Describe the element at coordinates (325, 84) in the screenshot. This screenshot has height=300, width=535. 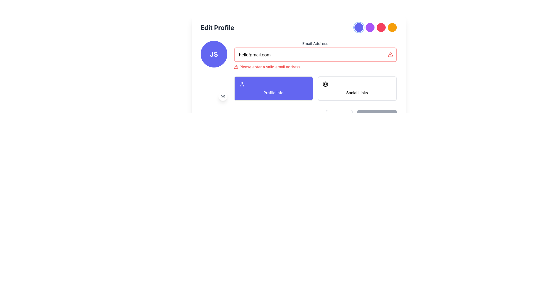
I see `the globe icon located inside the 'Social Links' section, positioned above the text 'Social Links'` at that location.